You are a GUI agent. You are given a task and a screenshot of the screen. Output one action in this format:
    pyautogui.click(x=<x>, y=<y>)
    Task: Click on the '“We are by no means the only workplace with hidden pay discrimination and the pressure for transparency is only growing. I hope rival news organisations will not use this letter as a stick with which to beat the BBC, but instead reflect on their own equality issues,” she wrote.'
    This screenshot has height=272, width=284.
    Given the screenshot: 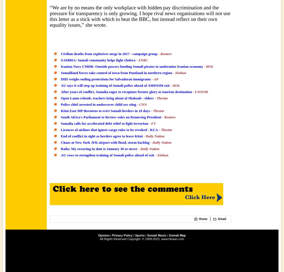 What is the action you would take?
    pyautogui.click(x=140, y=16)
    